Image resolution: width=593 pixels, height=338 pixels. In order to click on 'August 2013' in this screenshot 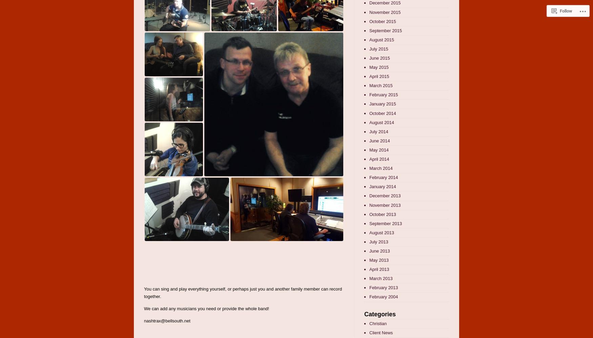, I will do `click(381, 232)`.